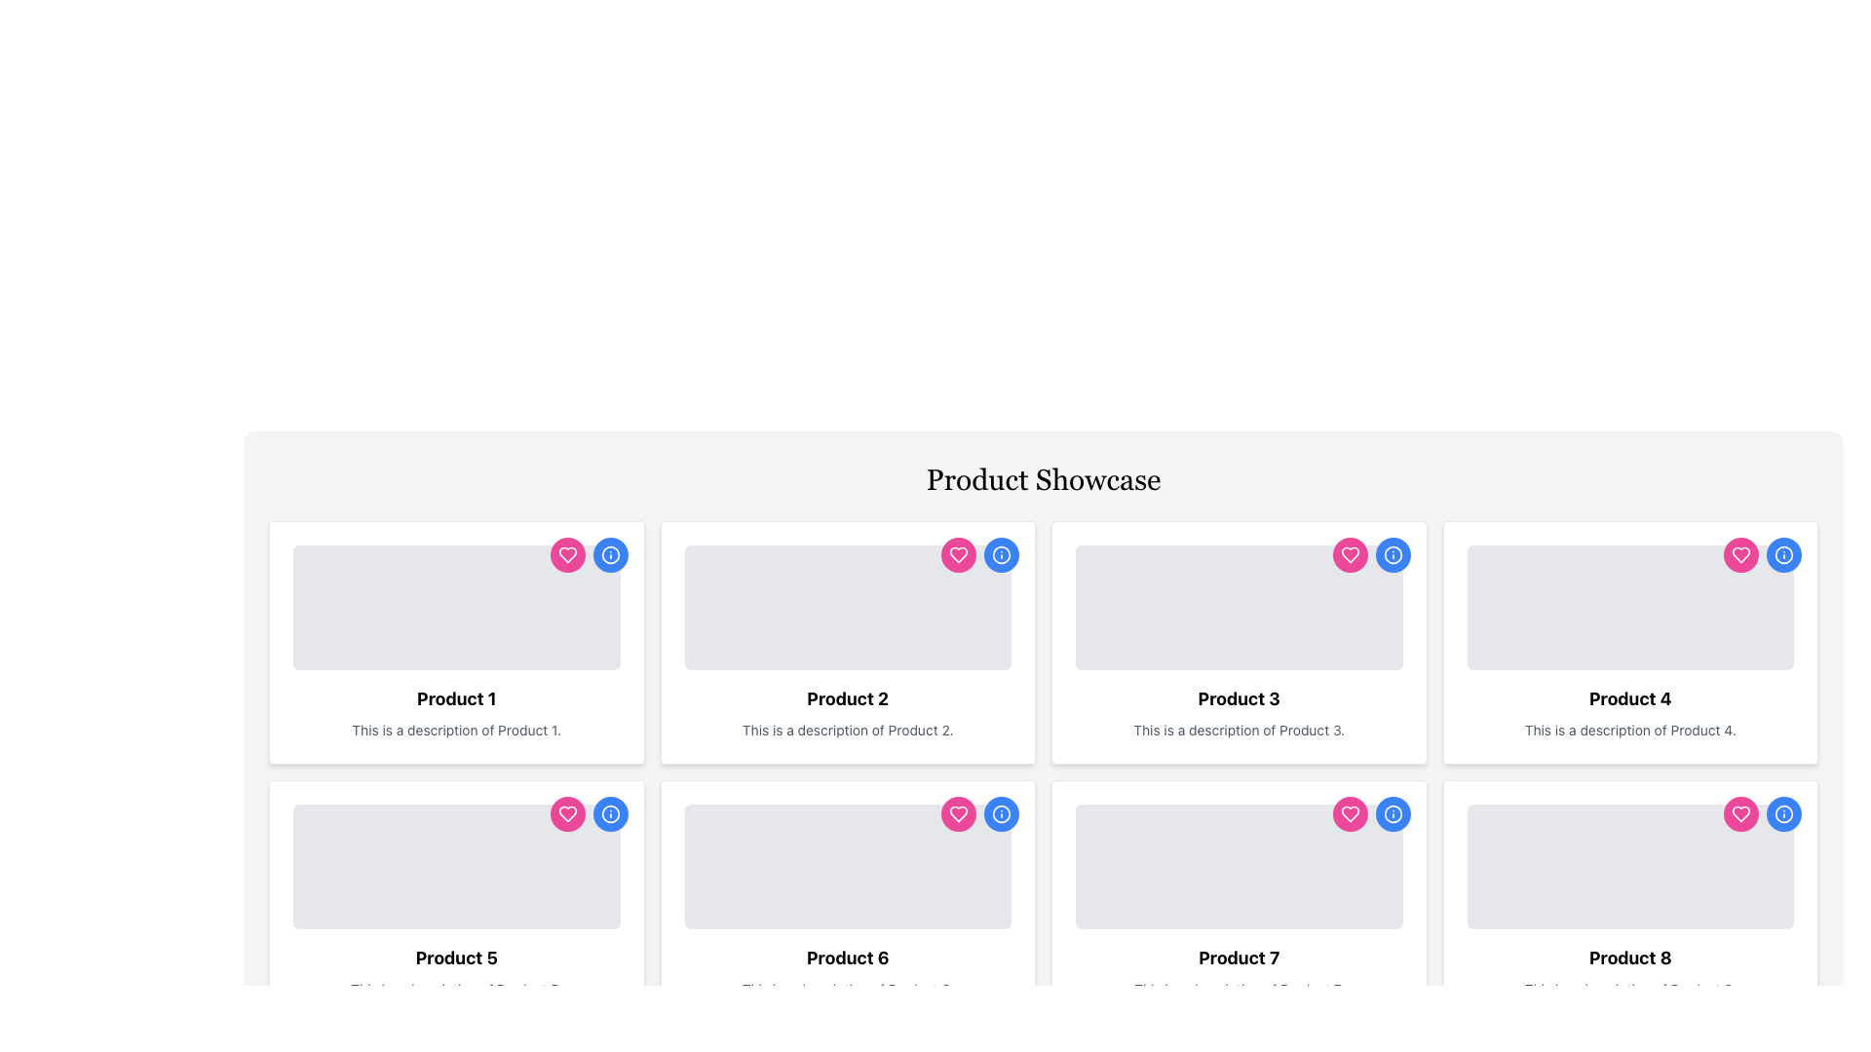 The image size is (1871, 1052). What do you see at coordinates (566, 814) in the screenshot?
I see `the heart-shaped icon within the pink circular button located at the top-right corner of the card for 'Product 5' in the product showcase grid` at bounding box center [566, 814].